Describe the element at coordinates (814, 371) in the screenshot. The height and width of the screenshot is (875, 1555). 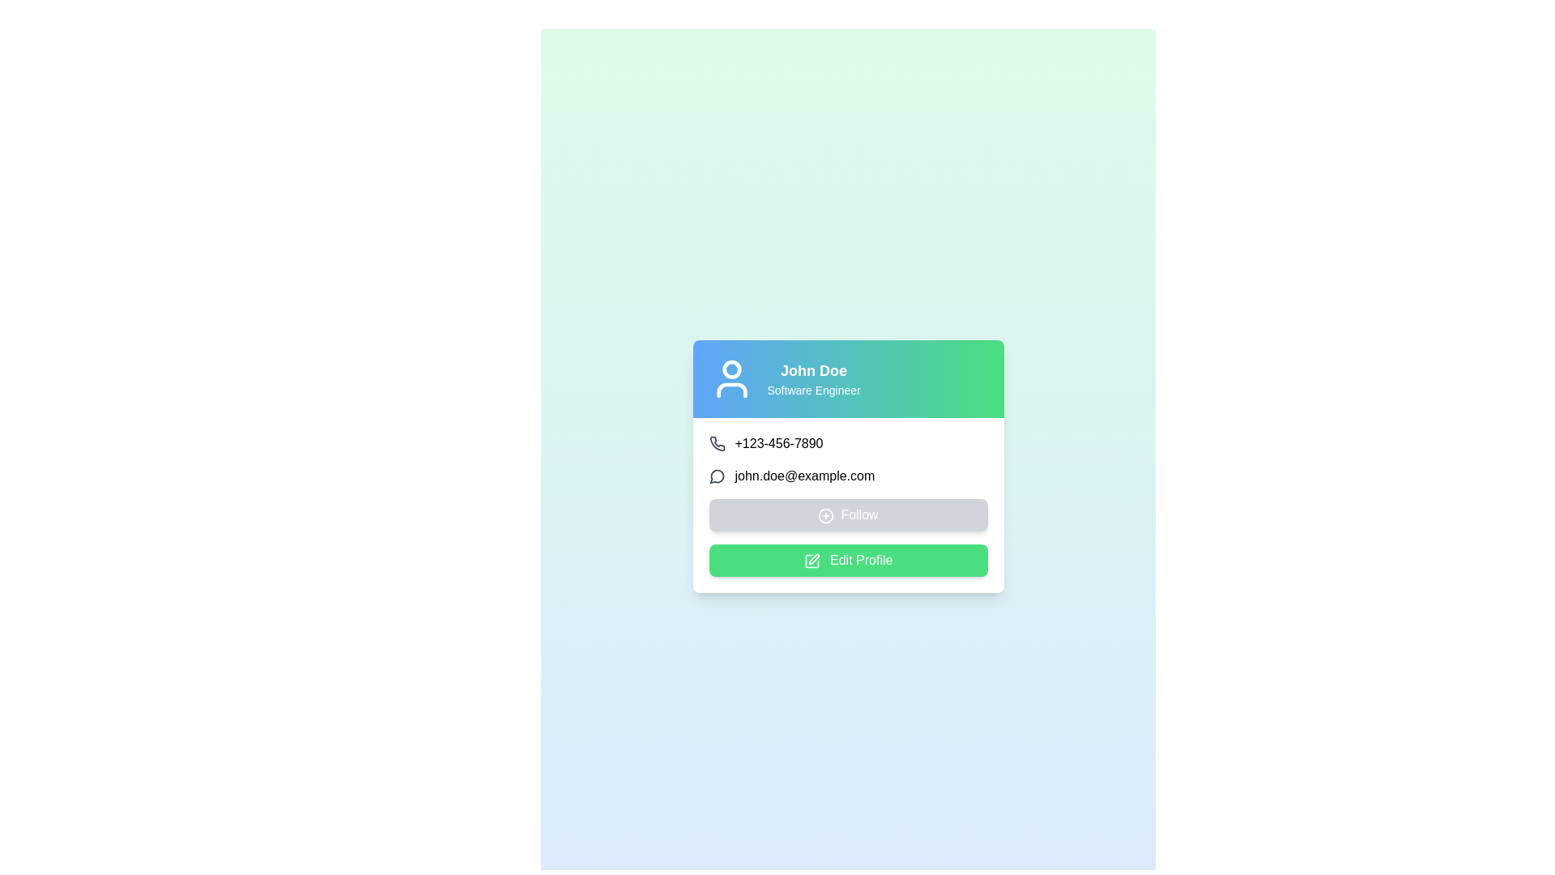
I see `bold text element displaying the name 'John Doe', located at the top of the card layout with a gradient green and blue background` at that location.